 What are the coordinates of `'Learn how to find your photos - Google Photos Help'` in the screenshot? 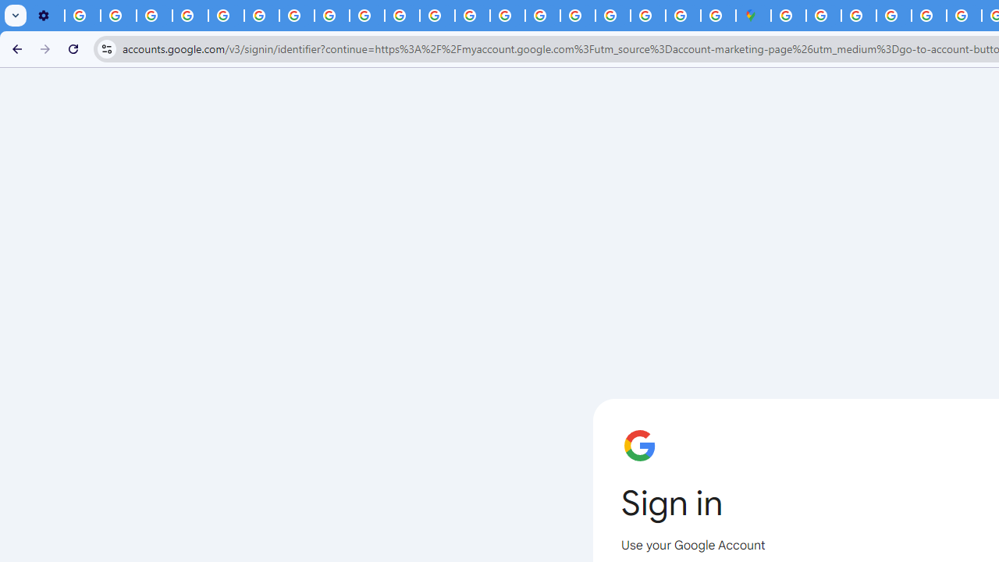 It's located at (118, 16).